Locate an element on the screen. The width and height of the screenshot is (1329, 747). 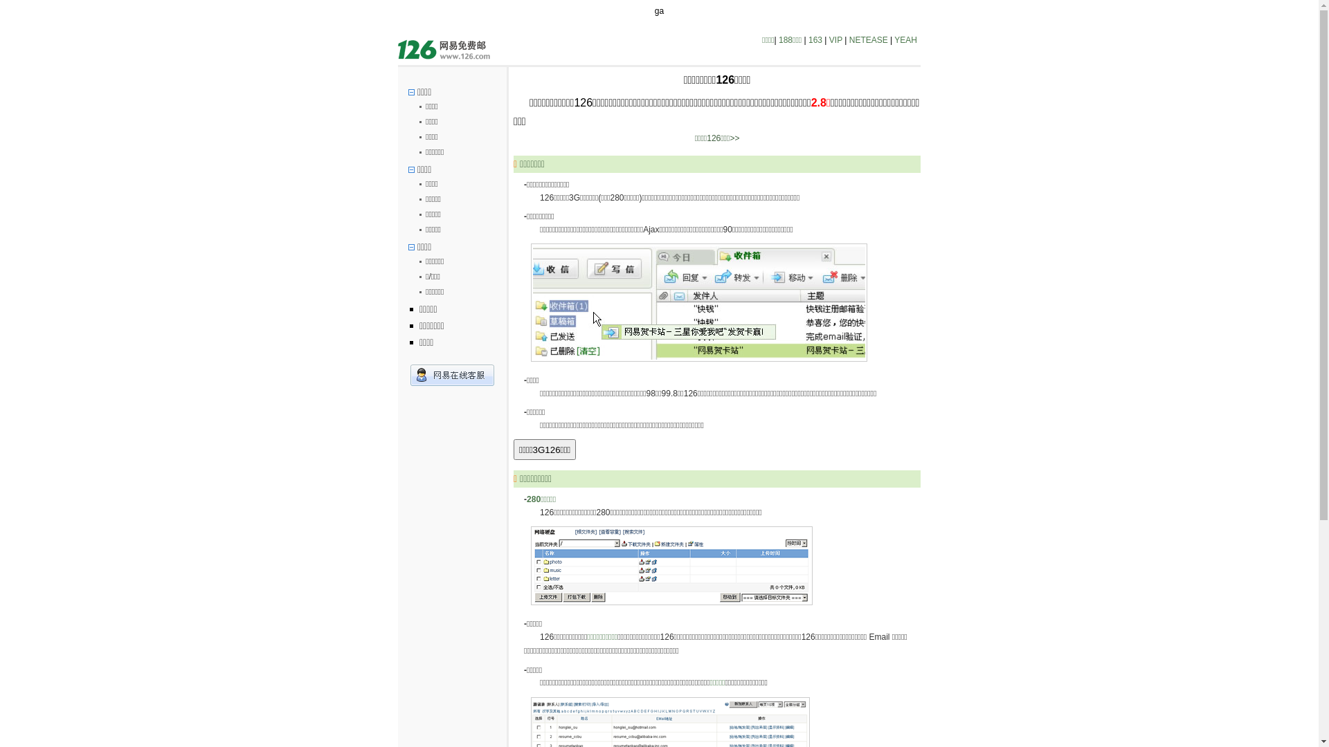
'VIP' is located at coordinates (835, 39).